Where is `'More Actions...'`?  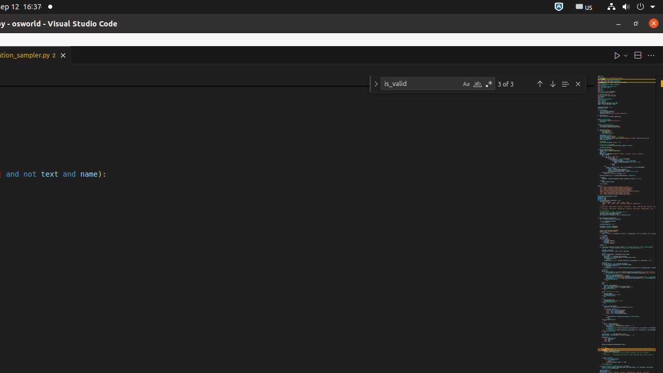 'More Actions...' is located at coordinates (650, 55).